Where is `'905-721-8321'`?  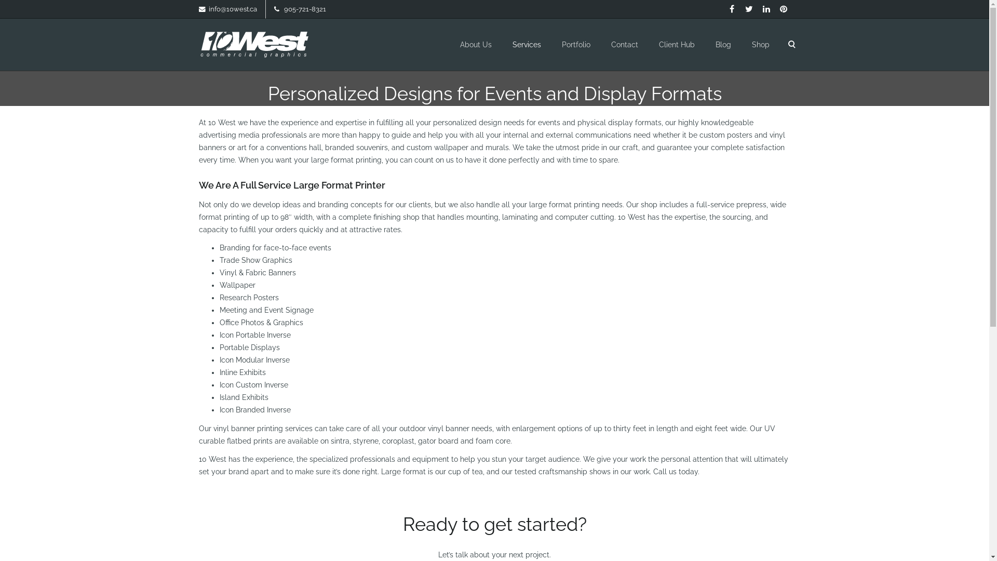
'905-721-8321' is located at coordinates (284, 9).